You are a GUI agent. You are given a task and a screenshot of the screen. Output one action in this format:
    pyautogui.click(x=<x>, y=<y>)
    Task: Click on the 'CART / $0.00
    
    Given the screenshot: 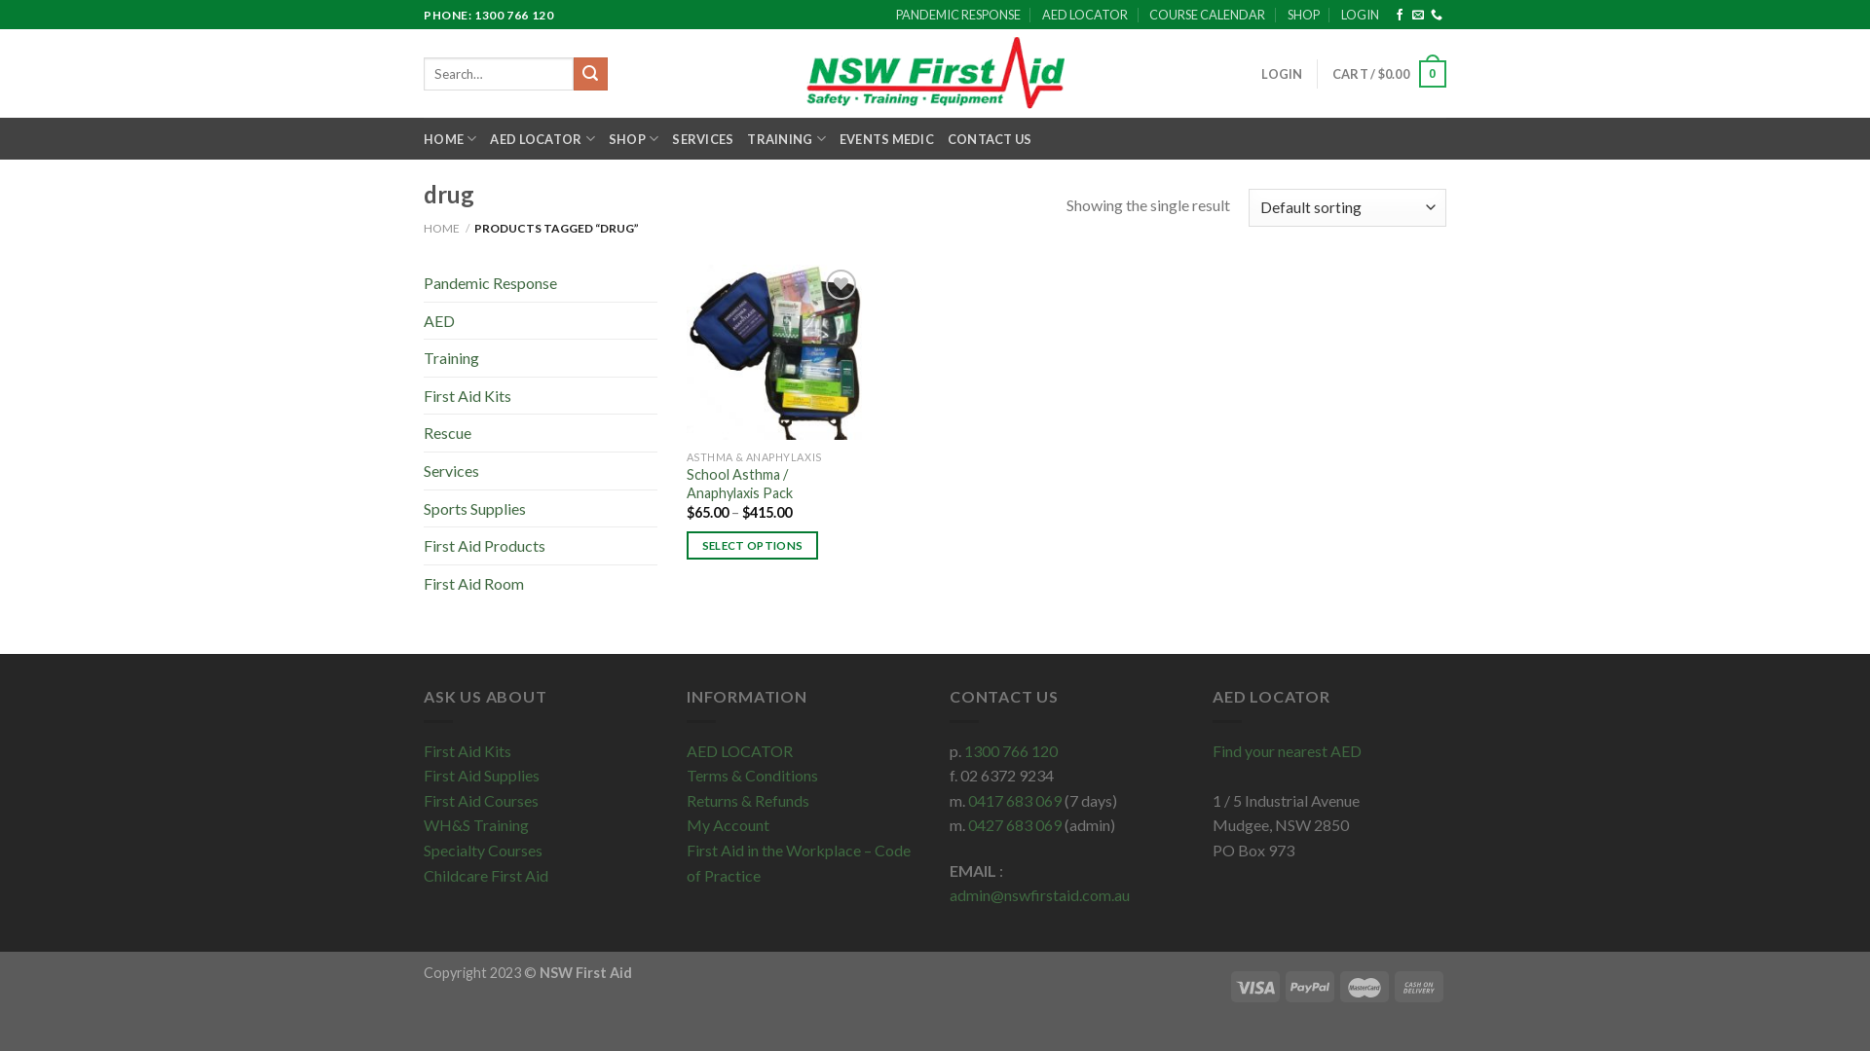 What is the action you would take?
    pyautogui.click(x=1388, y=73)
    